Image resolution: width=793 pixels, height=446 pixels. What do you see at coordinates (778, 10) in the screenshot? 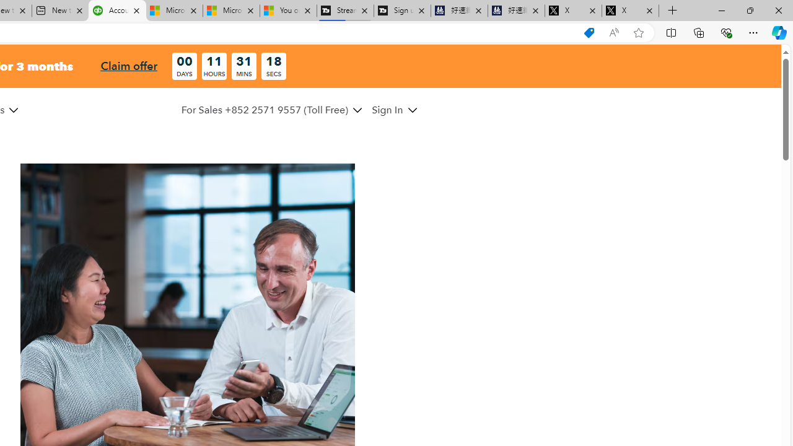
I see `'Close'` at bounding box center [778, 10].